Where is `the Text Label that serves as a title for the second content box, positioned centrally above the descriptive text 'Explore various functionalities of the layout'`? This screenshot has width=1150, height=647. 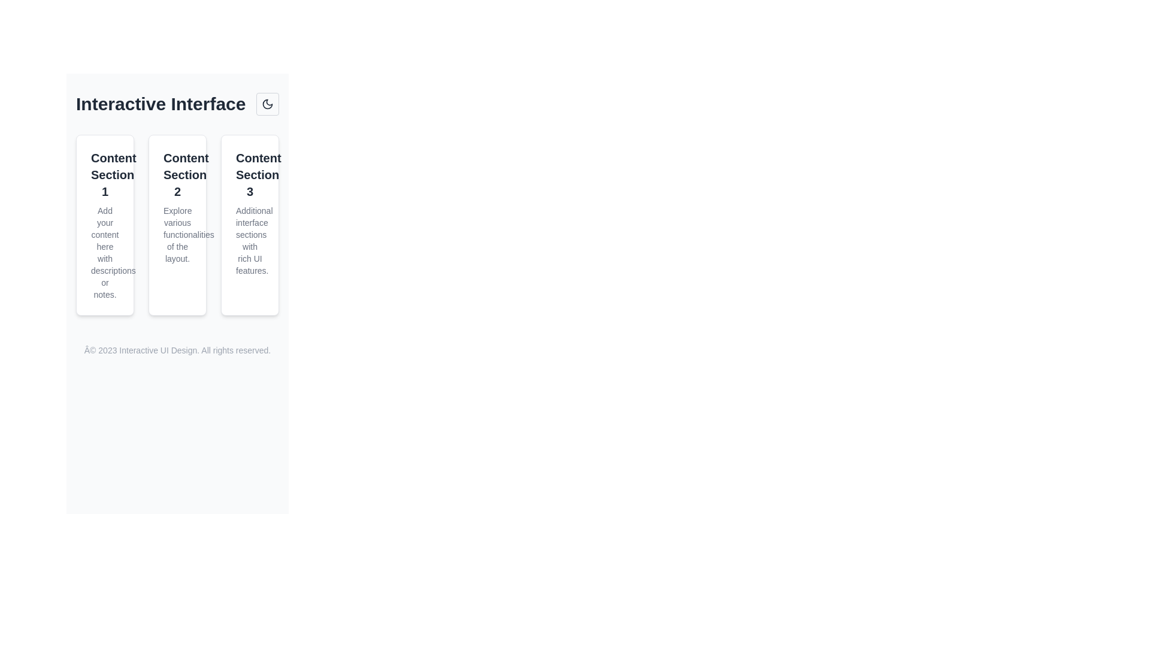 the Text Label that serves as a title for the second content box, positioned centrally above the descriptive text 'Explore various functionalities of the layout' is located at coordinates (177, 175).